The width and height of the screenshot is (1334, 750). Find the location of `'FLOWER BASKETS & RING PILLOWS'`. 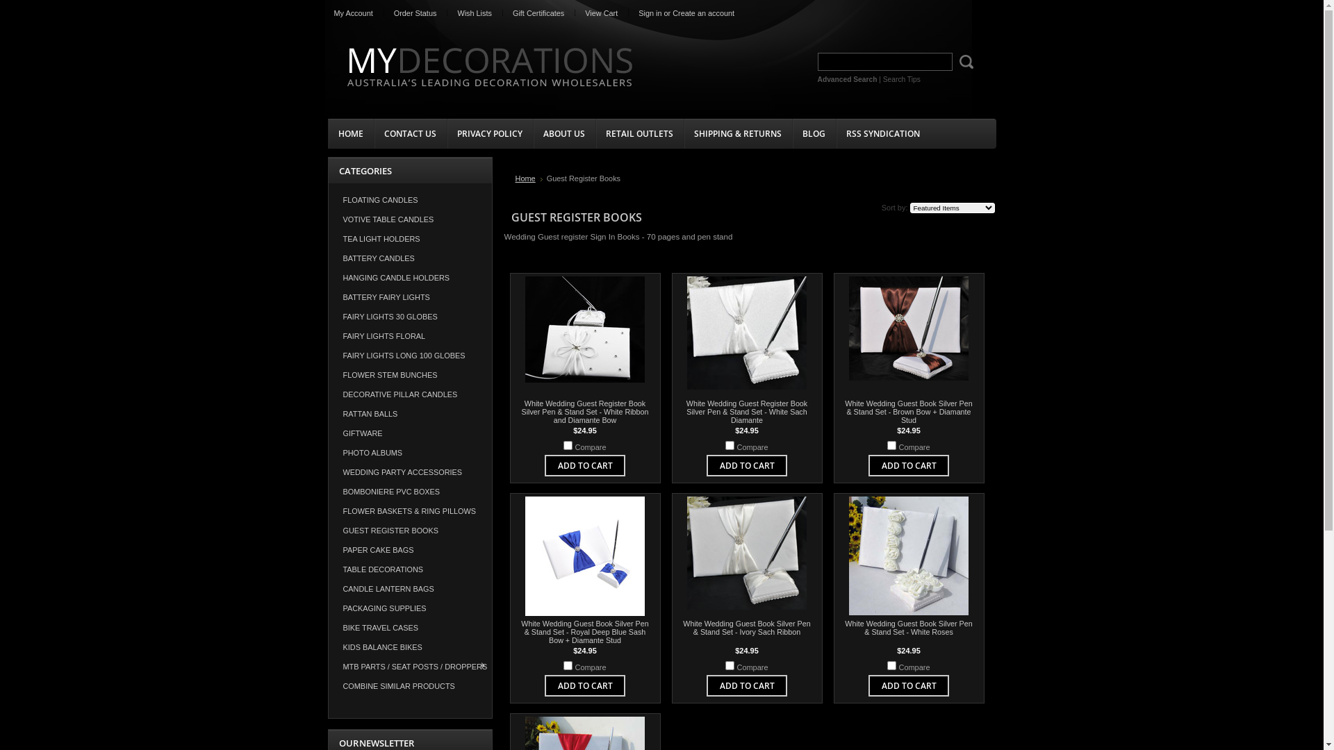

'FLOWER BASKETS & RING PILLOWS' is located at coordinates (327, 511).